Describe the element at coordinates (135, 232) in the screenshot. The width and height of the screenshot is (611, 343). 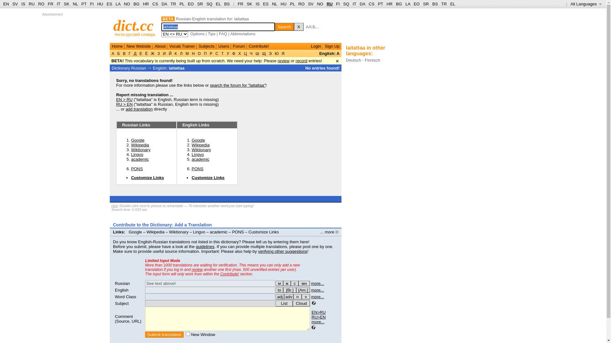
I see `'Google'` at that location.